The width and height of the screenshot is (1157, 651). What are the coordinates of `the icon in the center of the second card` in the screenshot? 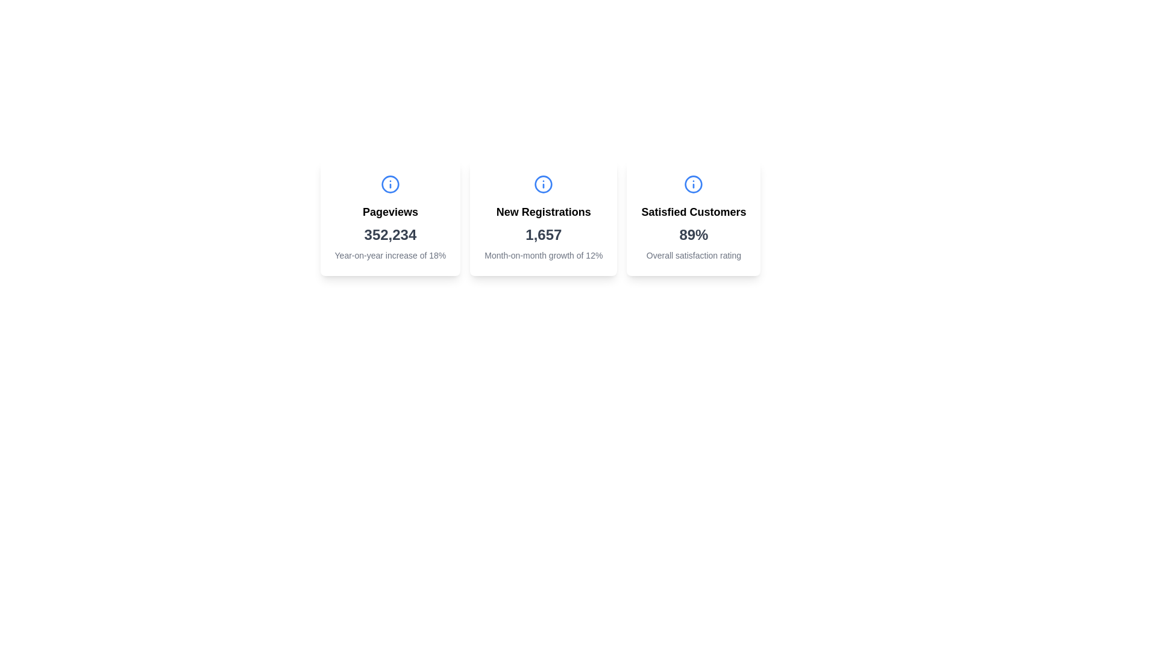 It's located at (694, 184).